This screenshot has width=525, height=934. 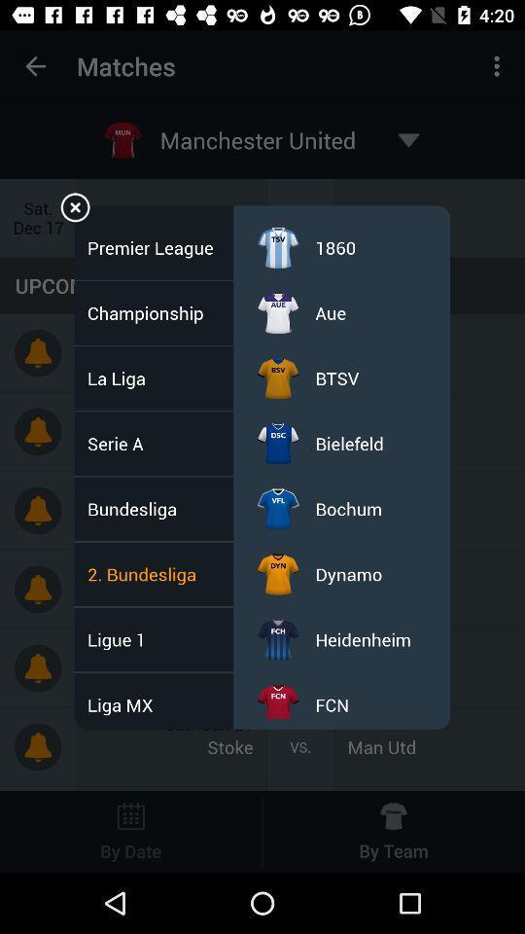 What do you see at coordinates (330, 312) in the screenshot?
I see `the aue icon` at bounding box center [330, 312].